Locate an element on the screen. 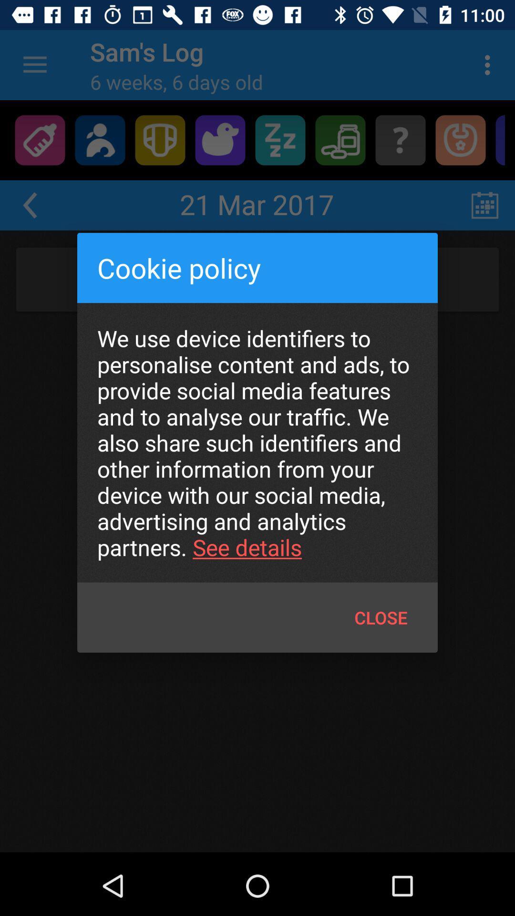 The width and height of the screenshot is (515, 916). the icon above the close icon is located at coordinates (257, 442).